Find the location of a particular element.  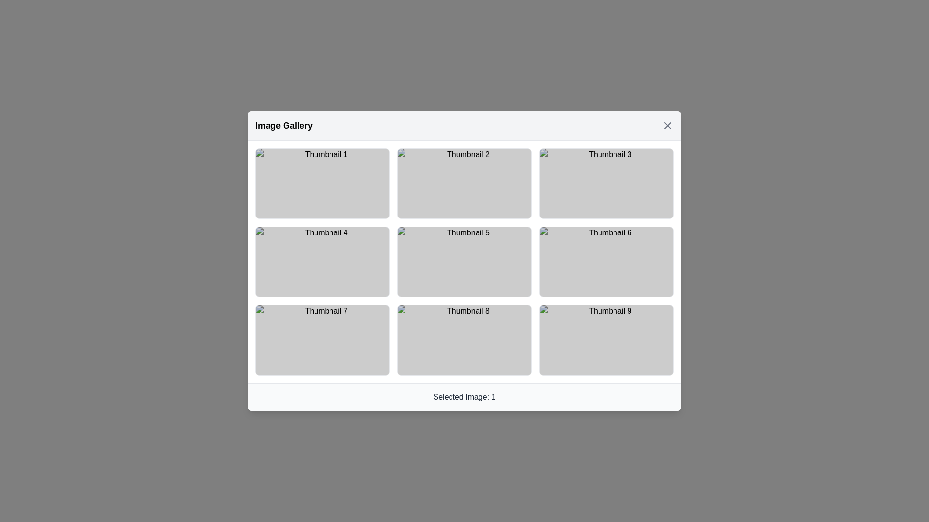

the rectangular thumbnail labeled 'Thumbnail 7', which is the first thumbnail is located at coordinates (322, 340).